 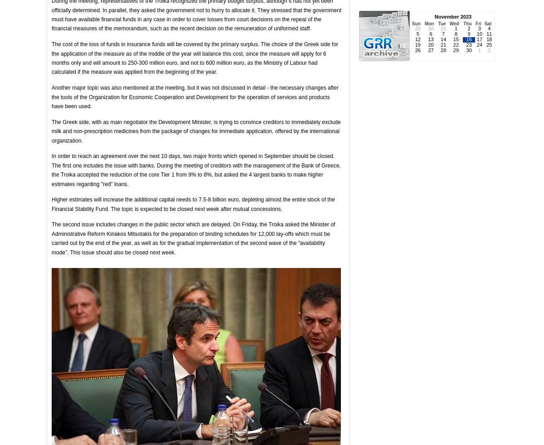 I want to click on 'Higher estimates will increase the additional capital needs to 7.5-8 billion euro, depleting almost the entire stock of the Financial Stability Fund. The topic is expected to be closed next week after mutual concessions.', so click(x=193, y=204).